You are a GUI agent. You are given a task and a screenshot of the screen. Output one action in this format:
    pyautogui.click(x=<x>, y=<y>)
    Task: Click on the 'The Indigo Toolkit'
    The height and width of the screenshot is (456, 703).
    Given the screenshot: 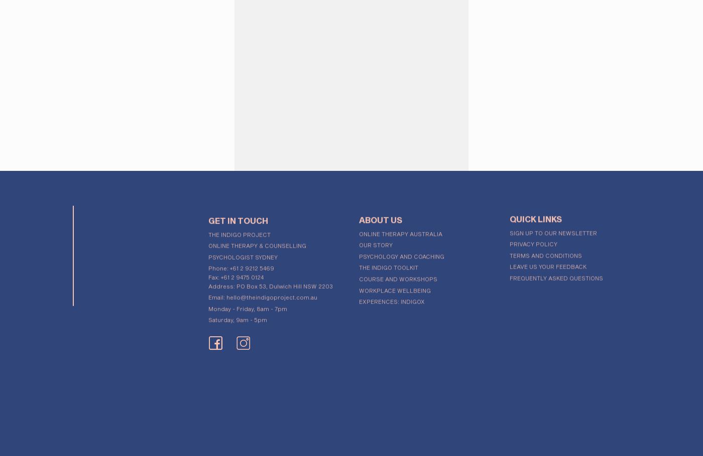 What is the action you would take?
    pyautogui.click(x=389, y=264)
    